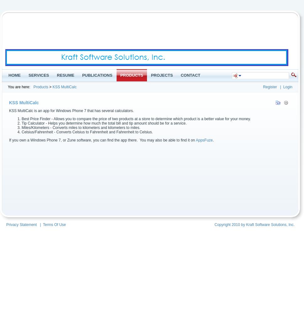 This screenshot has width=304, height=313. I want to click on 'KSS MultiCalc is an app for Windows Phone 7 that has several calculators.', so click(9, 110).